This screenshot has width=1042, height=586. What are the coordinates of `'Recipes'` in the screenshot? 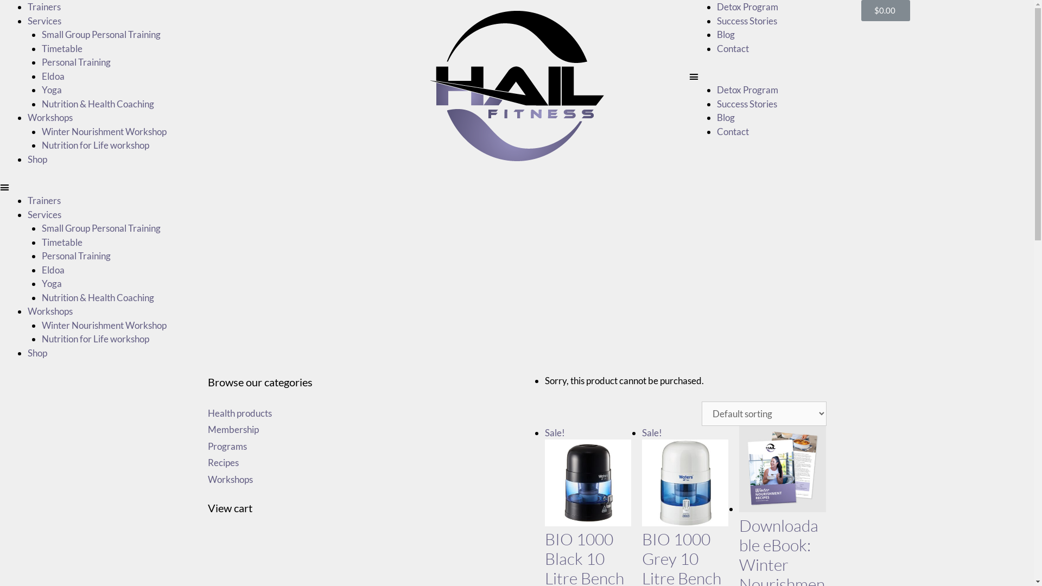 It's located at (207, 462).